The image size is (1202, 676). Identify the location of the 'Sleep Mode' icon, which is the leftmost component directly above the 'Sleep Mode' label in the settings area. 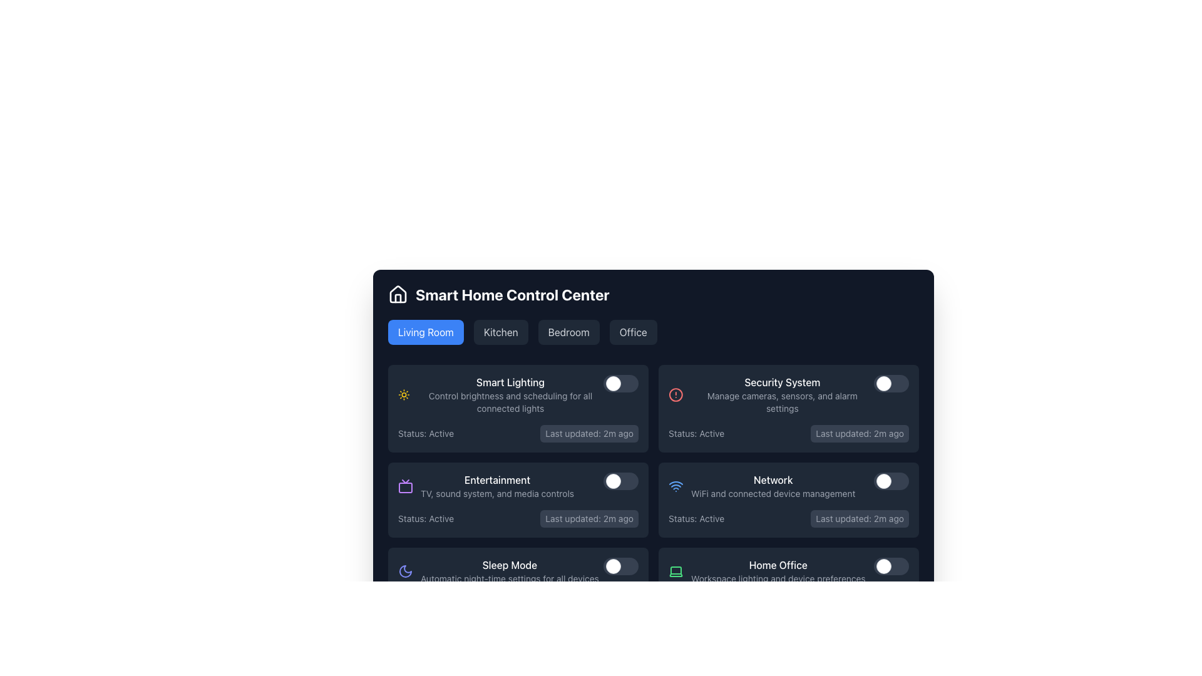
(406, 571).